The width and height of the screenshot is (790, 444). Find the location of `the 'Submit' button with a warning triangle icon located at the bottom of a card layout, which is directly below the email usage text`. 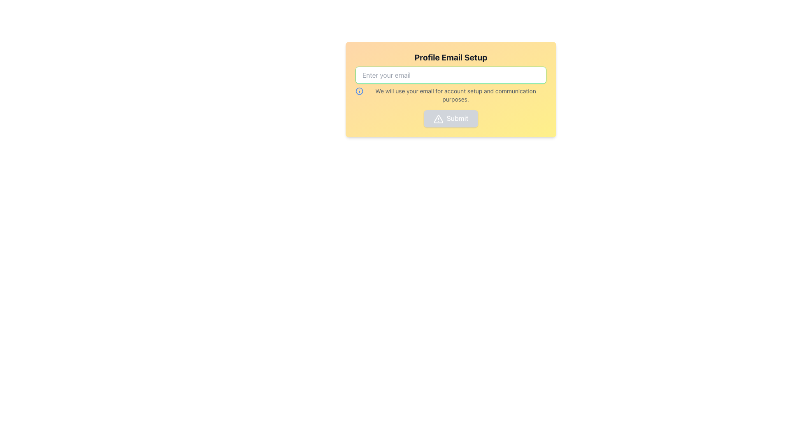

the 'Submit' button with a warning triangle icon located at the bottom of a card layout, which is directly below the email usage text is located at coordinates (450, 118).